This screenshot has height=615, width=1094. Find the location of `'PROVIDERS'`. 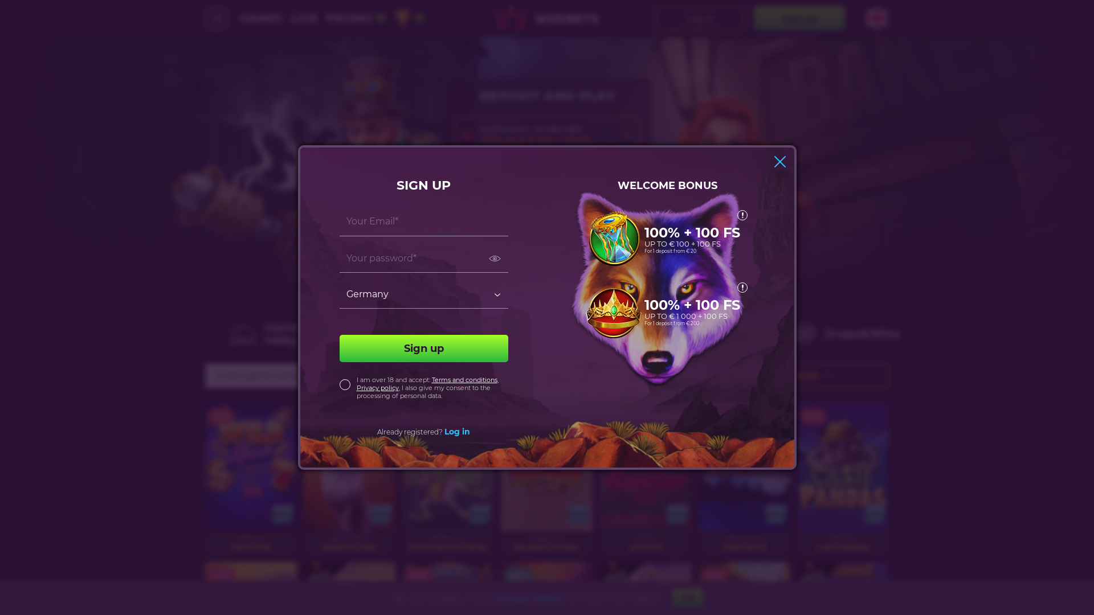

'PROVIDERS' is located at coordinates (793, 375).